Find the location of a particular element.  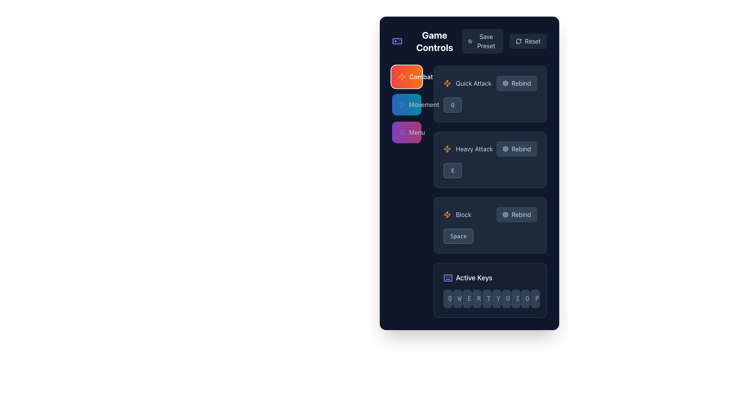

the Text display box that displays the letter 'Q', which is styled with a dark slate background and lighter slate text, located in the upper-right section of the interface associated with the 'Quick Attack' control is located at coordinates (453, 105).